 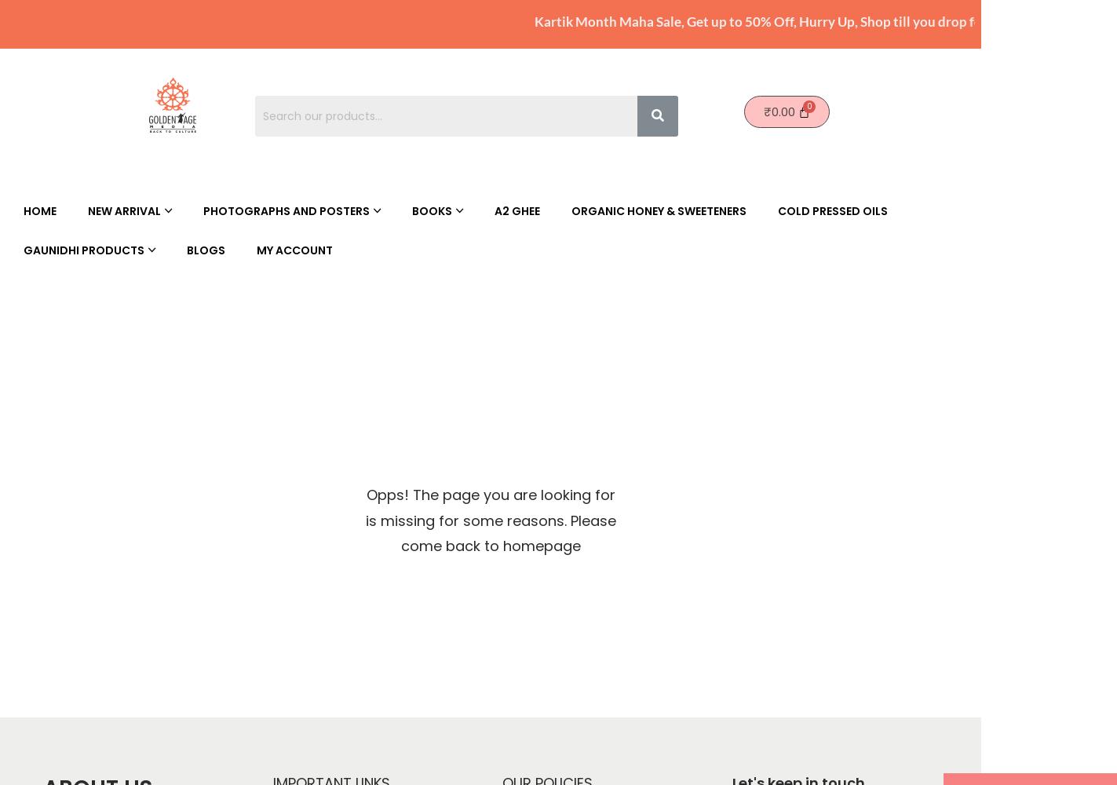 What do you see at coordinates (516, 243) in the screenshot?
I see `'Canvas Size of 12*18 Inches'` at bounding box center [516, 243].